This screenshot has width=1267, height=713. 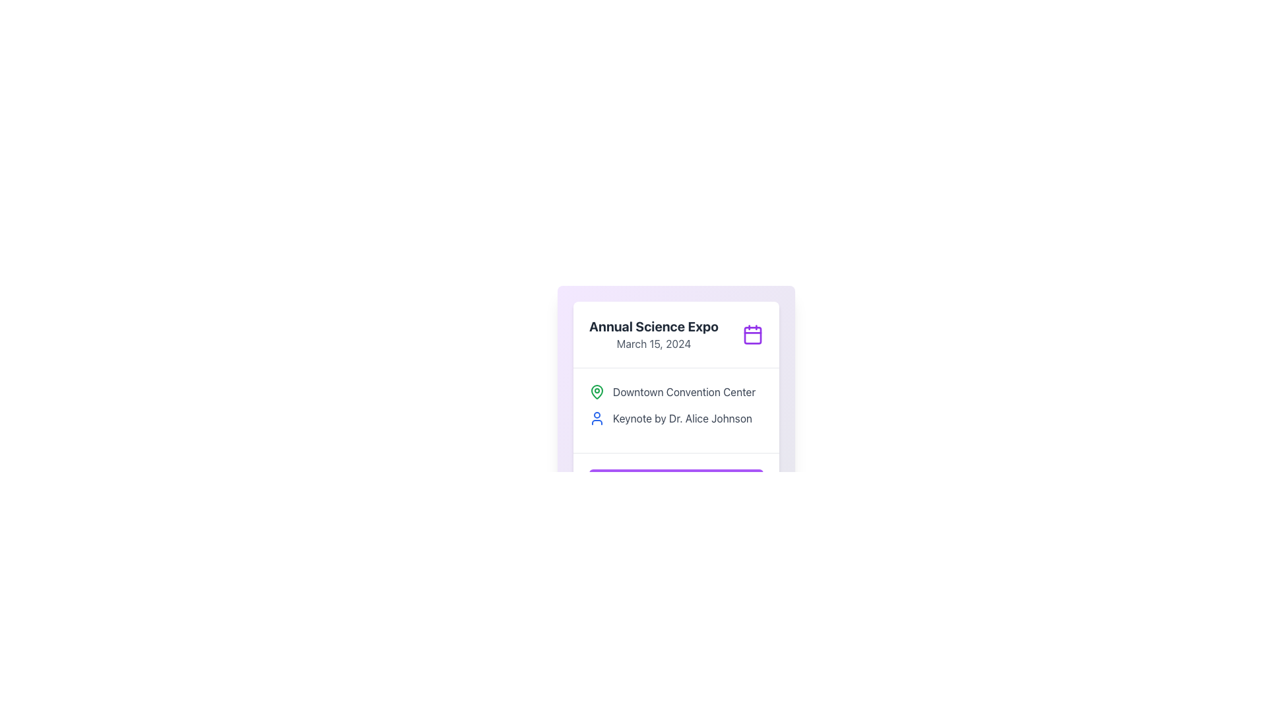 What do you see at coordinates (676, 418) in the screenshot?
I see `text content of the Text Label with Icon that indicates 'Keynote by Dr. Alice Johnson', located next to a user profile icon in blue, within the second section of the event information block` at bounding box center [676, 418].